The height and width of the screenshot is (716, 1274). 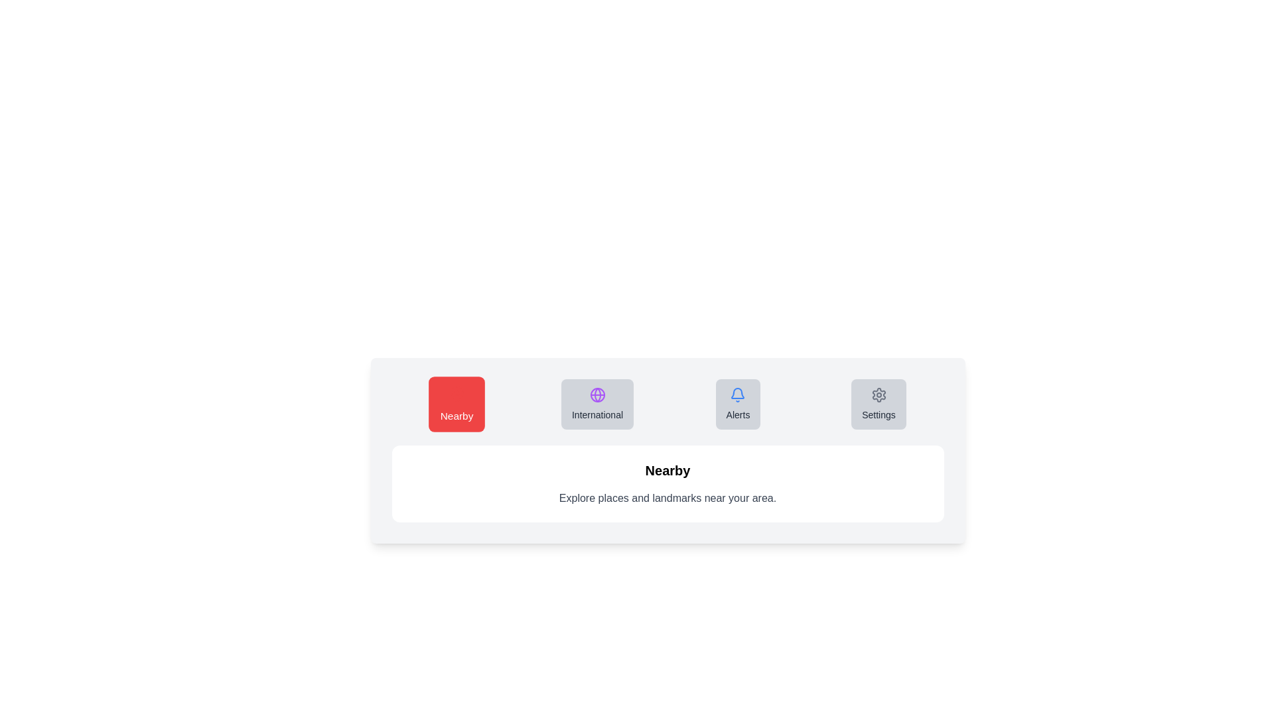 What do you see at coordinates (879, 403) in the screenshot?
I see `the Settings tab` at bounding box center [879, 403].